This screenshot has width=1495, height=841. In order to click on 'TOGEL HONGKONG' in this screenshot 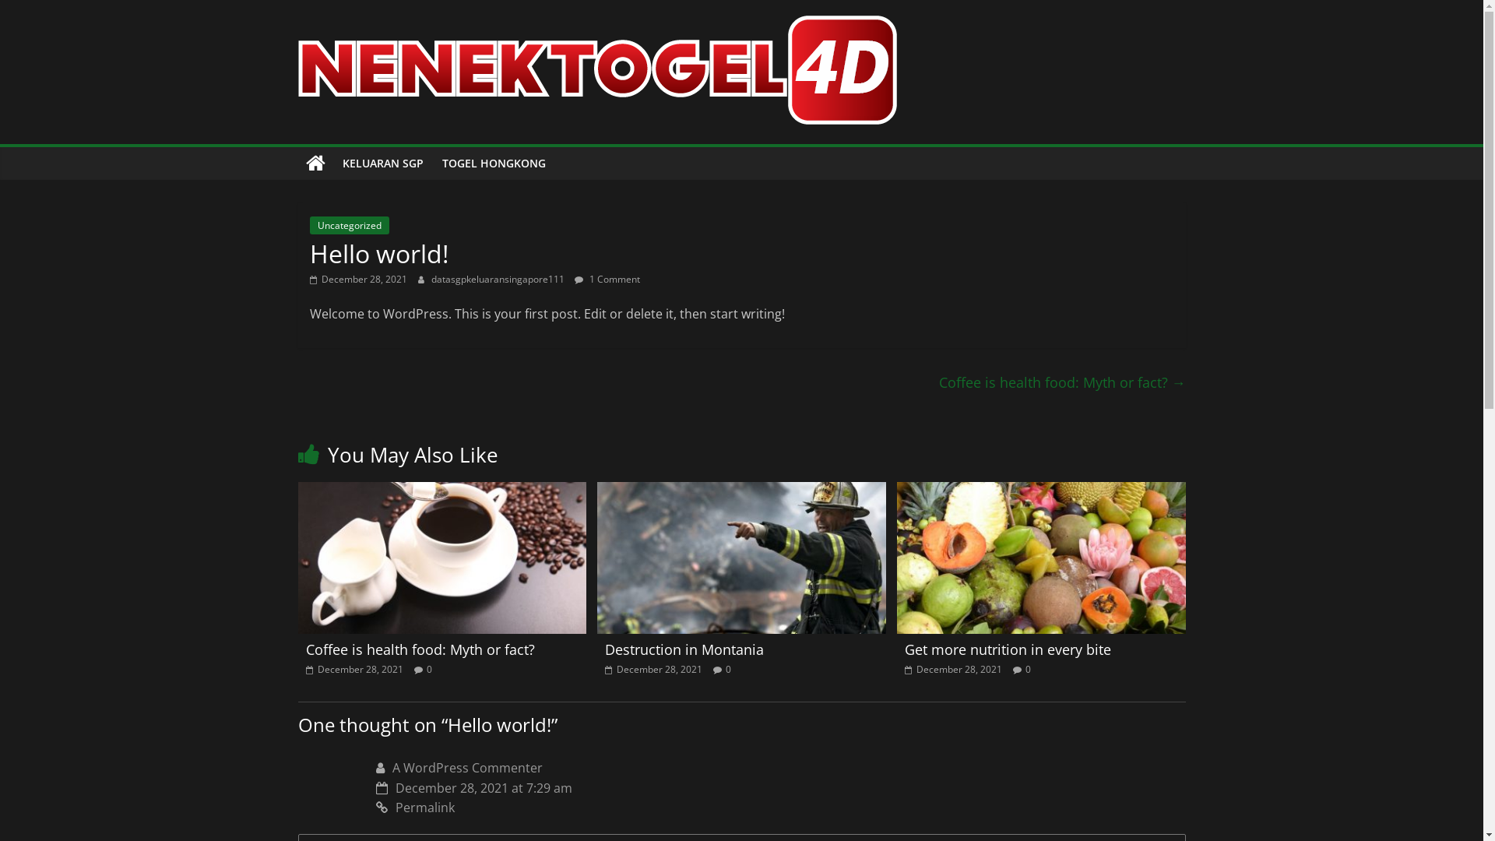, I will do `click(493, 163)`.